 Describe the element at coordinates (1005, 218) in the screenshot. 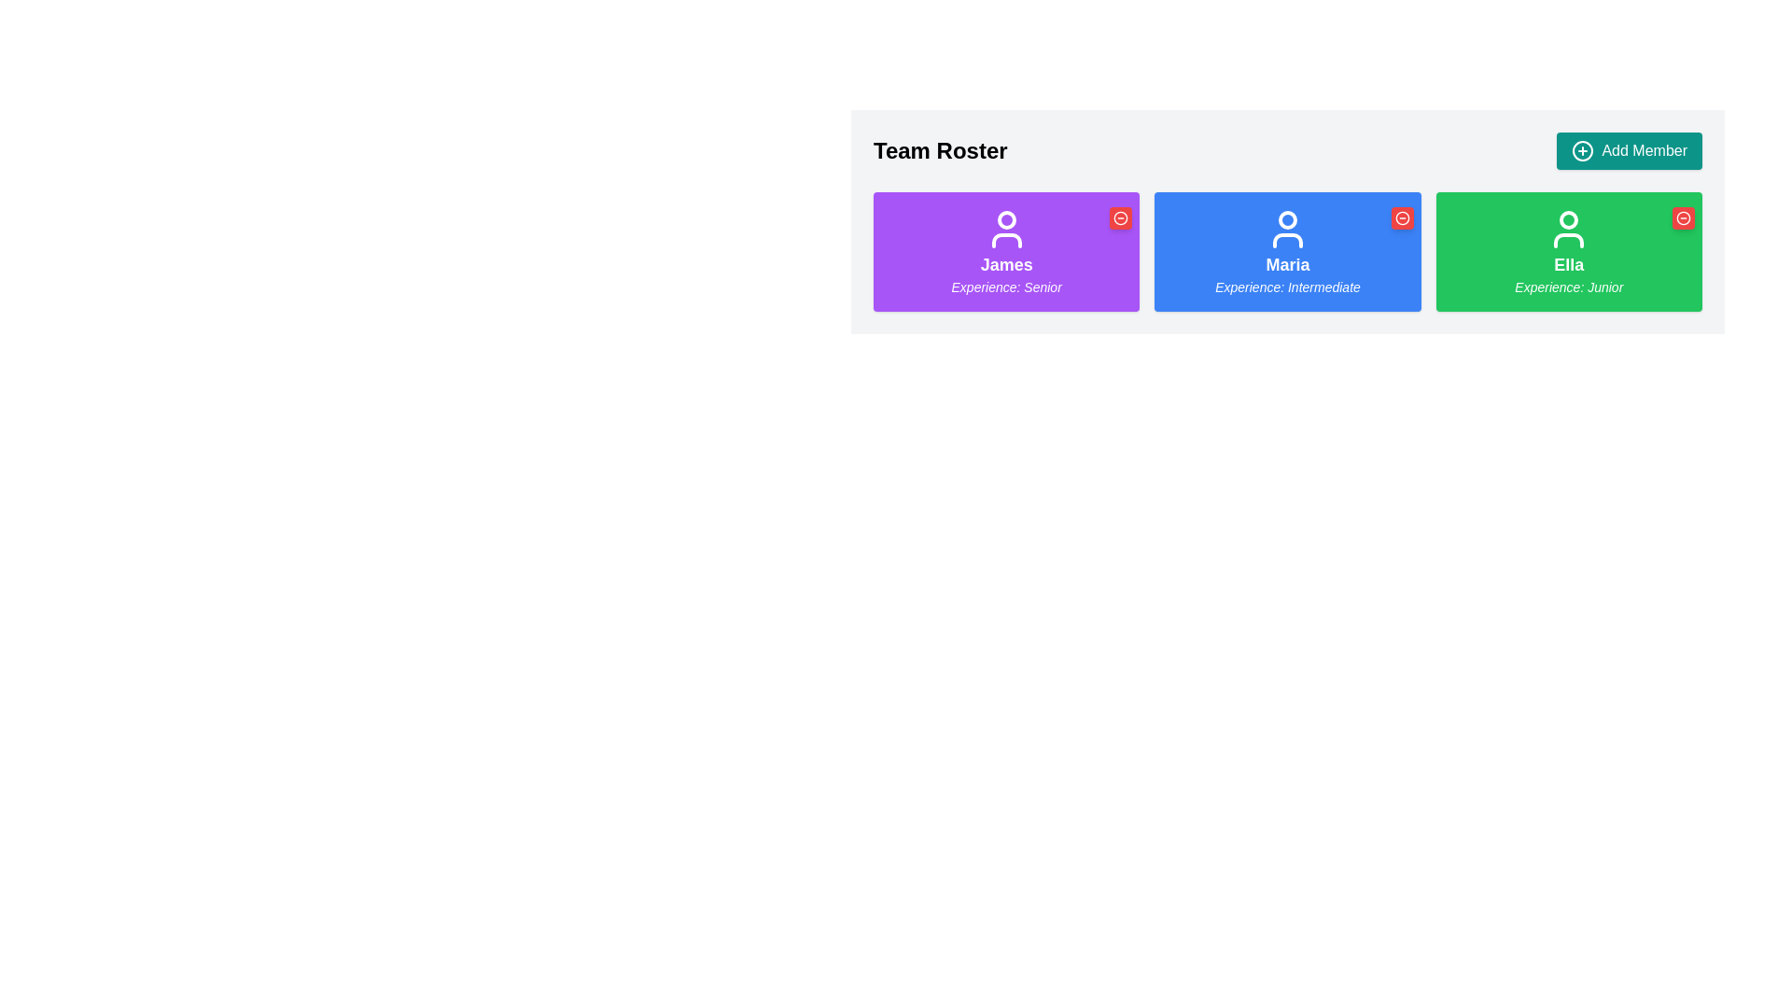

I see `the circular user profile icon located in the upper central area of the purple tile labeled 'James'` at that location.